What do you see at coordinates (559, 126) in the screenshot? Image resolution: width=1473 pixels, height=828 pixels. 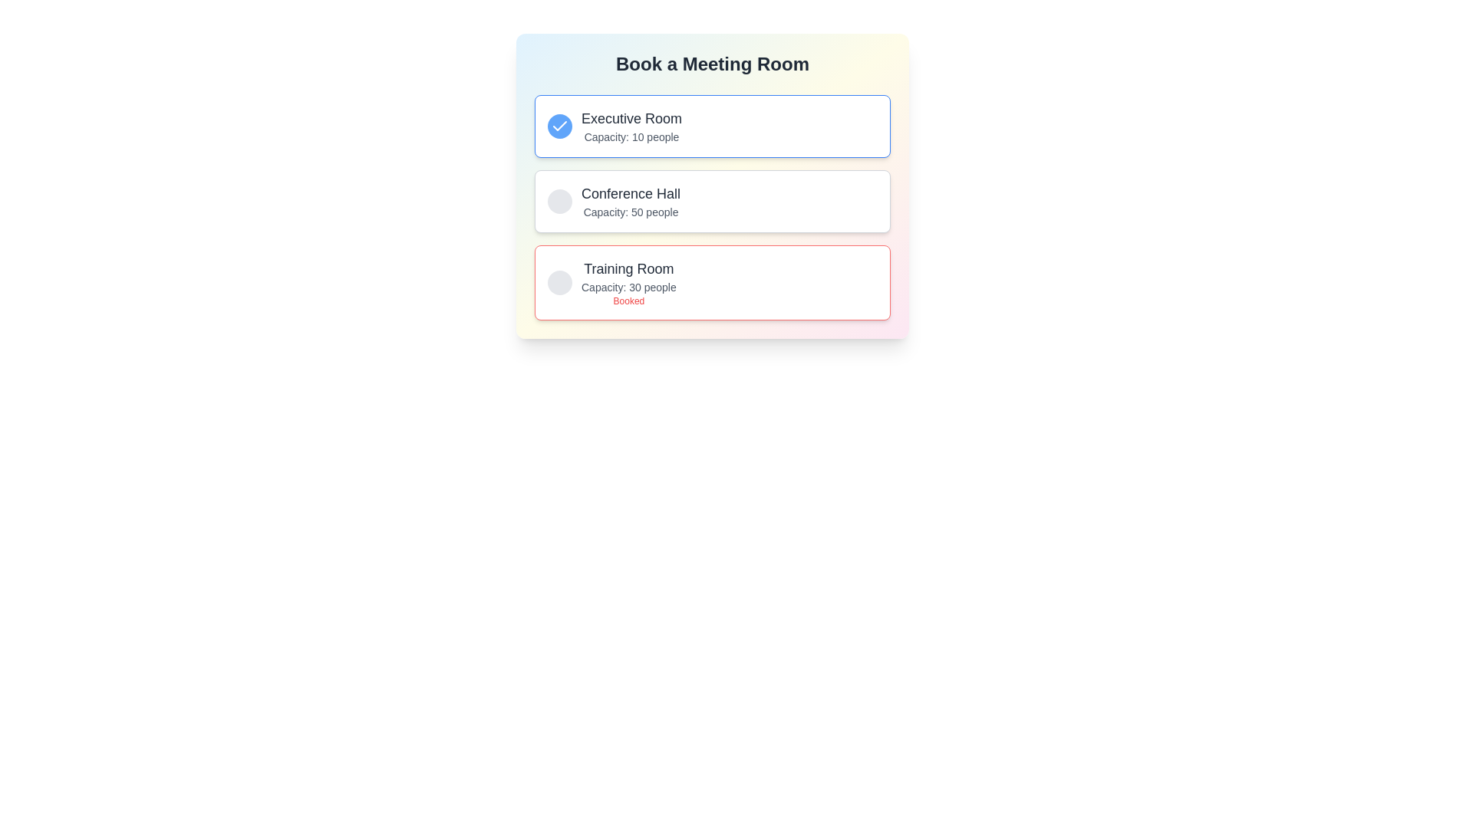 I see `the checkmark icon styled within a circular blue button located in the first row under the title 'Executive Room'` at bounding box center [559, 126].